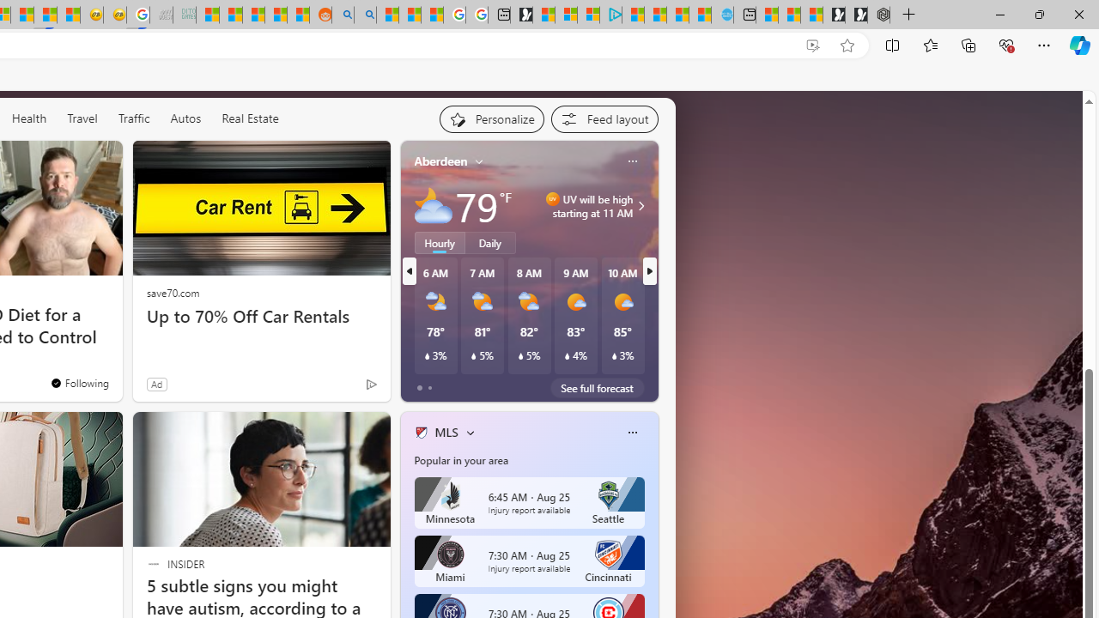 The width and height of the screenshot is (1099, 618). What do you see at coordinates (132, 117) in the screenshot?
I see `'Traffic'` at bounding box center [132, 117].